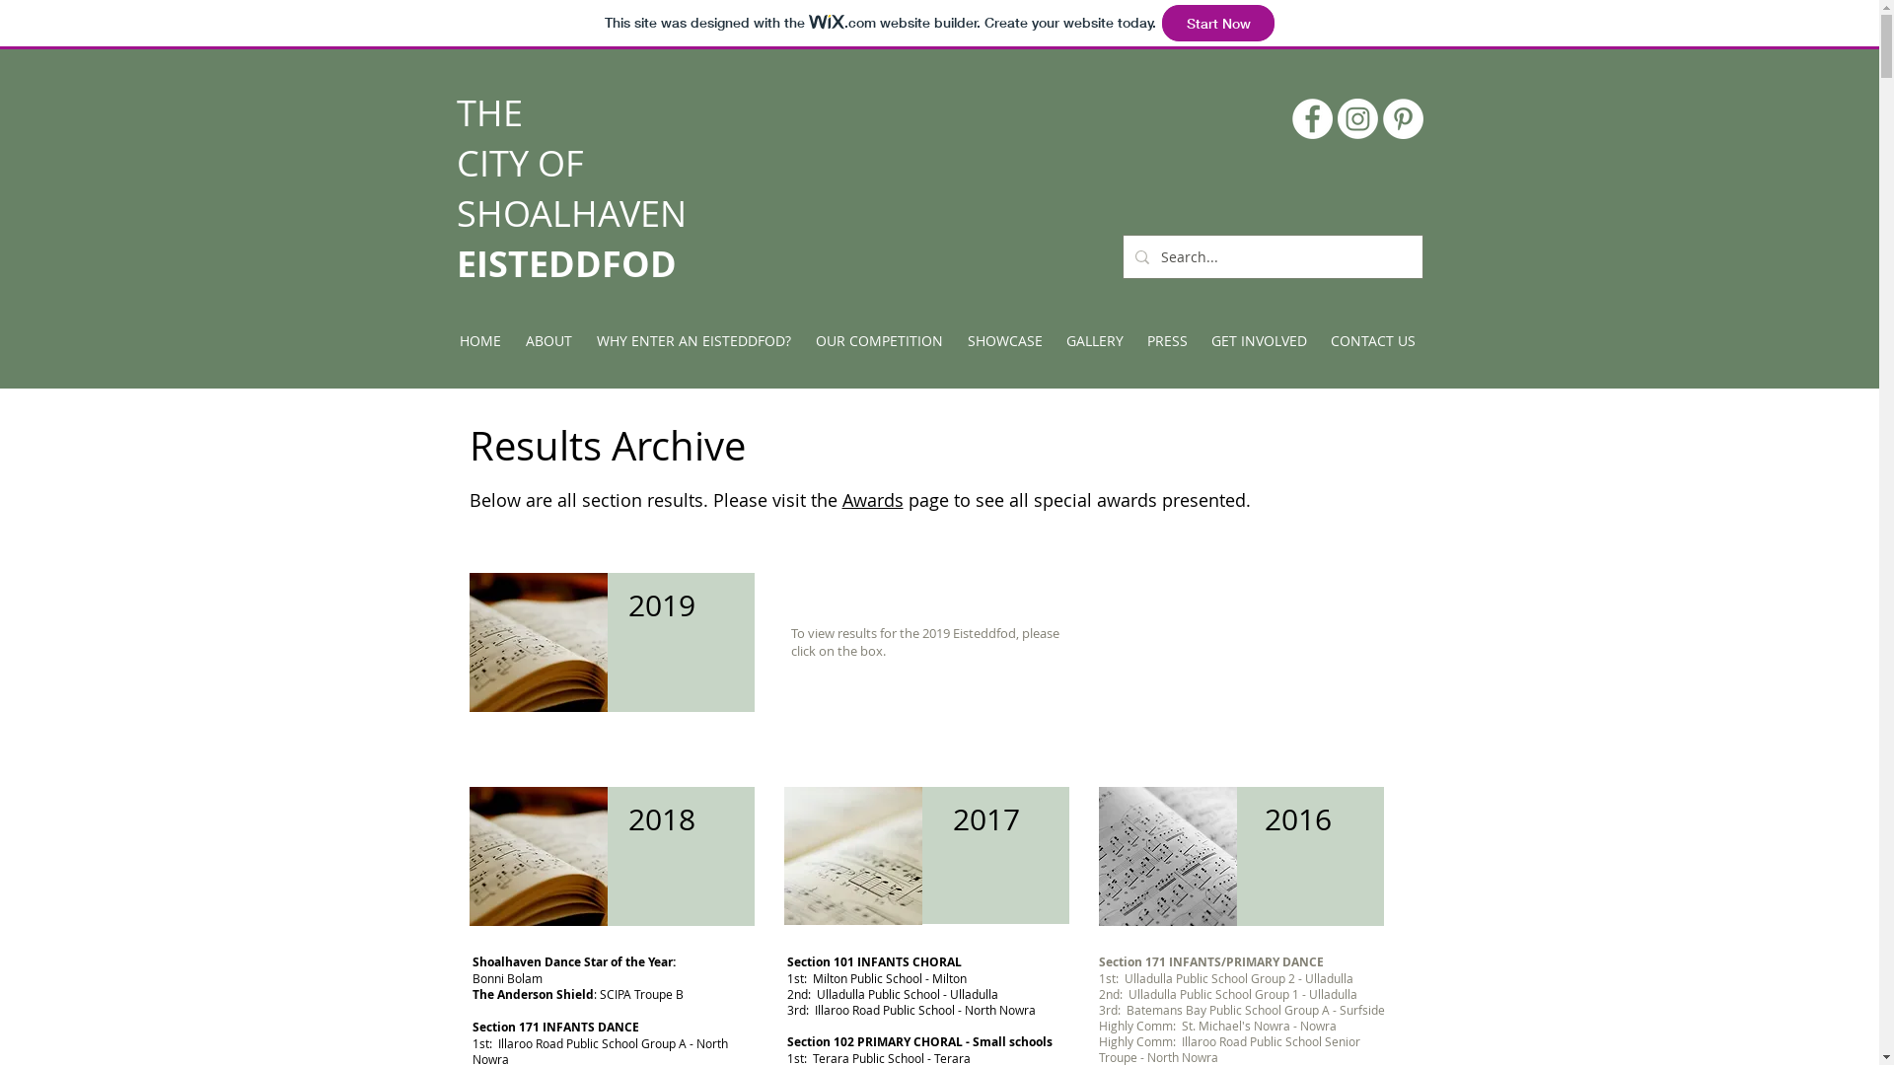 Image resolution: width=1894 pixels, height=1065 pixels. I want to click on 'Music Notes', so click(539, 642).